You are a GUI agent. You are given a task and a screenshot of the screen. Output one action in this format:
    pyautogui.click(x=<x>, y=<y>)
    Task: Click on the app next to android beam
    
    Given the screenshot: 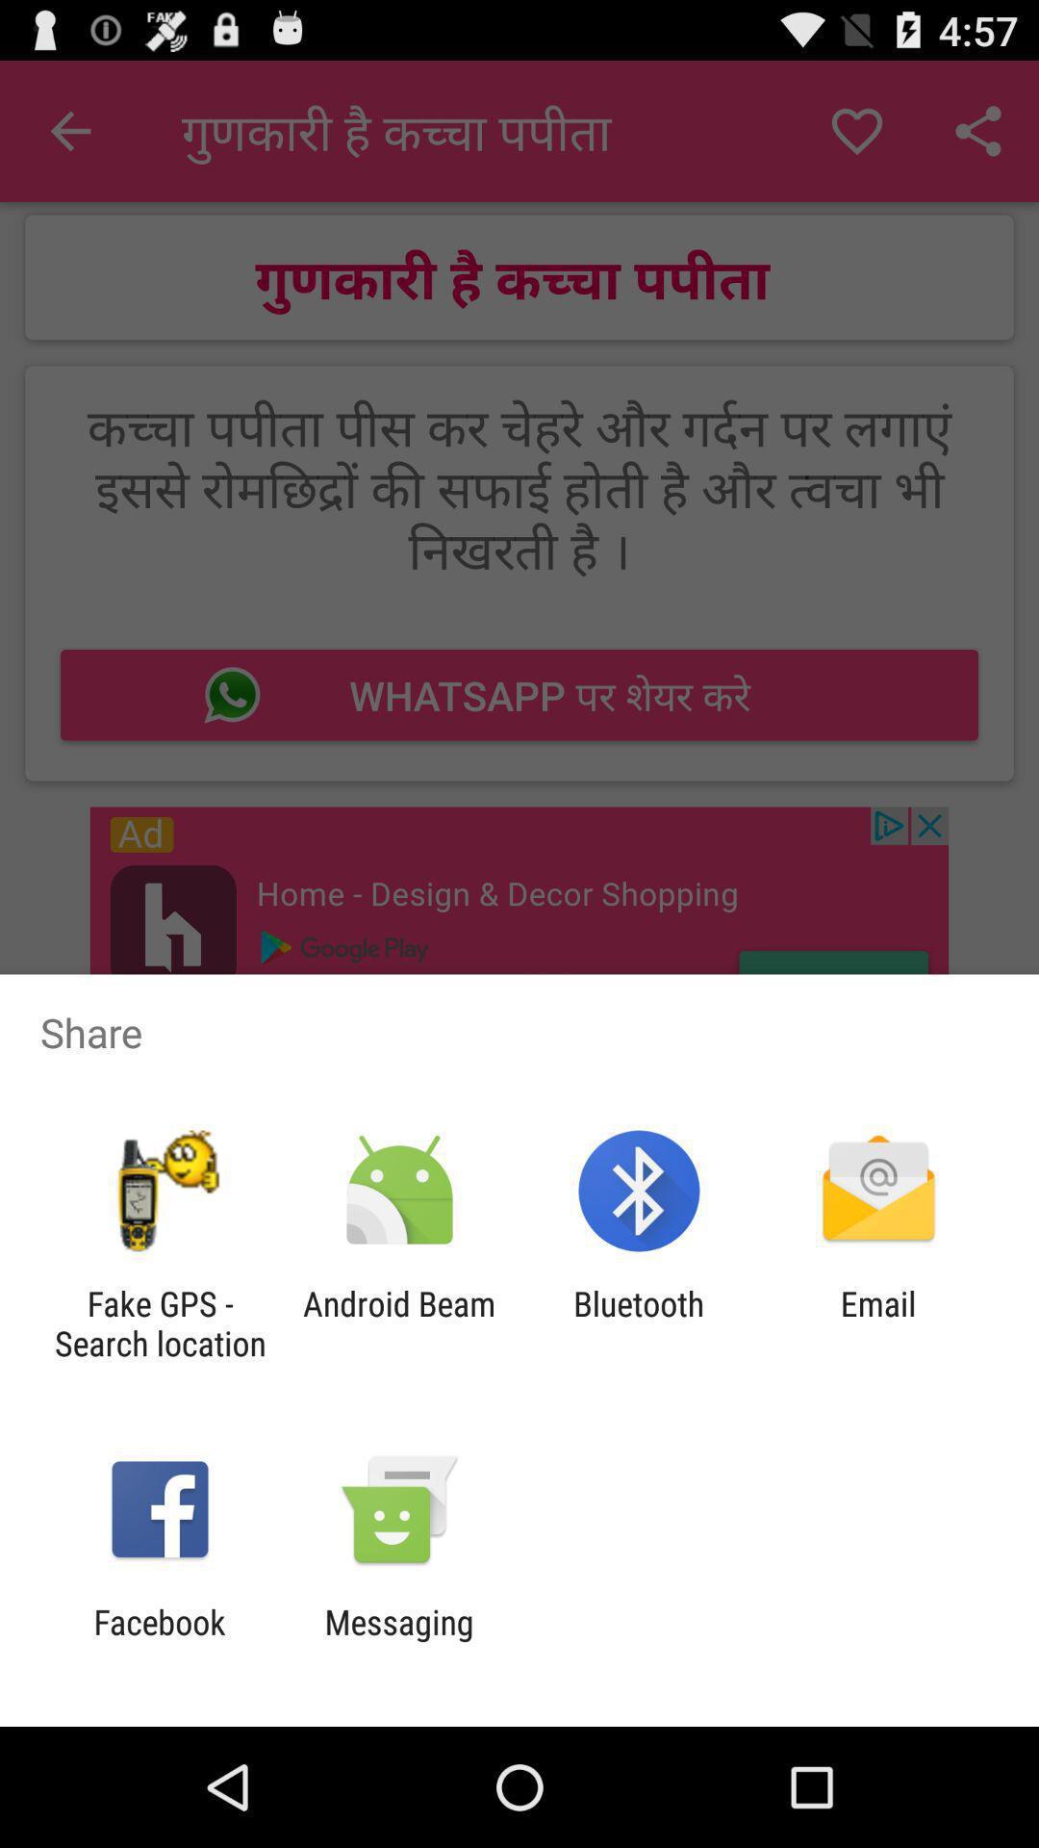 What is the action you would take?
    pyautogui.click(x=159, y=1322)
    